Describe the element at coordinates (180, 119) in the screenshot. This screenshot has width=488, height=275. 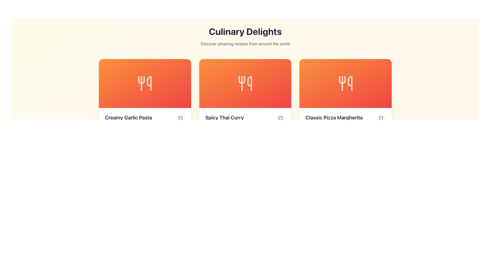
I see `the save/bookmark icon located at the bottom right corner of the 'Creamy Garlic Pasta' recipe card` at that location.